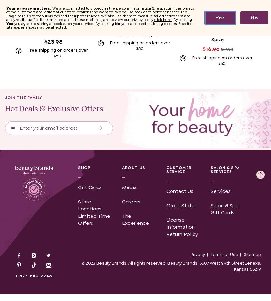  Describe the element at coordinates (224, 254) in the screenshot. I see `'Terms of Use'` at that location.